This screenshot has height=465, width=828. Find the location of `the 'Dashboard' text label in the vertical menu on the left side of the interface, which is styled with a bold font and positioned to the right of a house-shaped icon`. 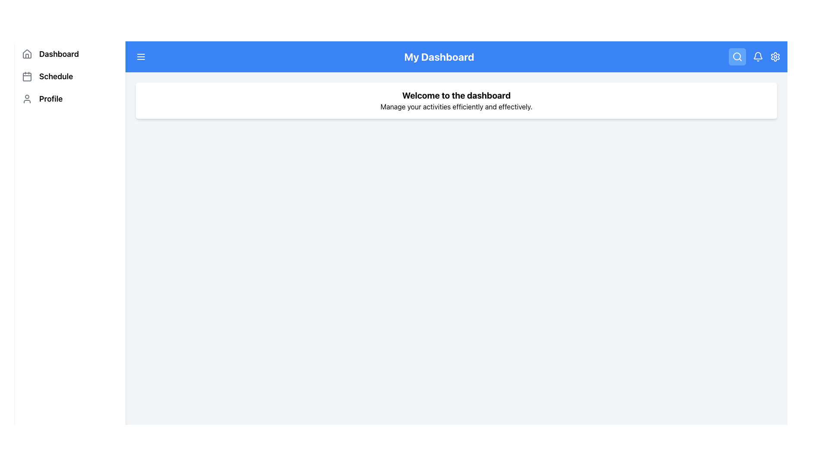

the 'Dashboard' text label in the vertical menu on the left side of the interface, which is styled with a bold font and positioned to the right of a house-shaped icon is located at coordinates (59, 54).